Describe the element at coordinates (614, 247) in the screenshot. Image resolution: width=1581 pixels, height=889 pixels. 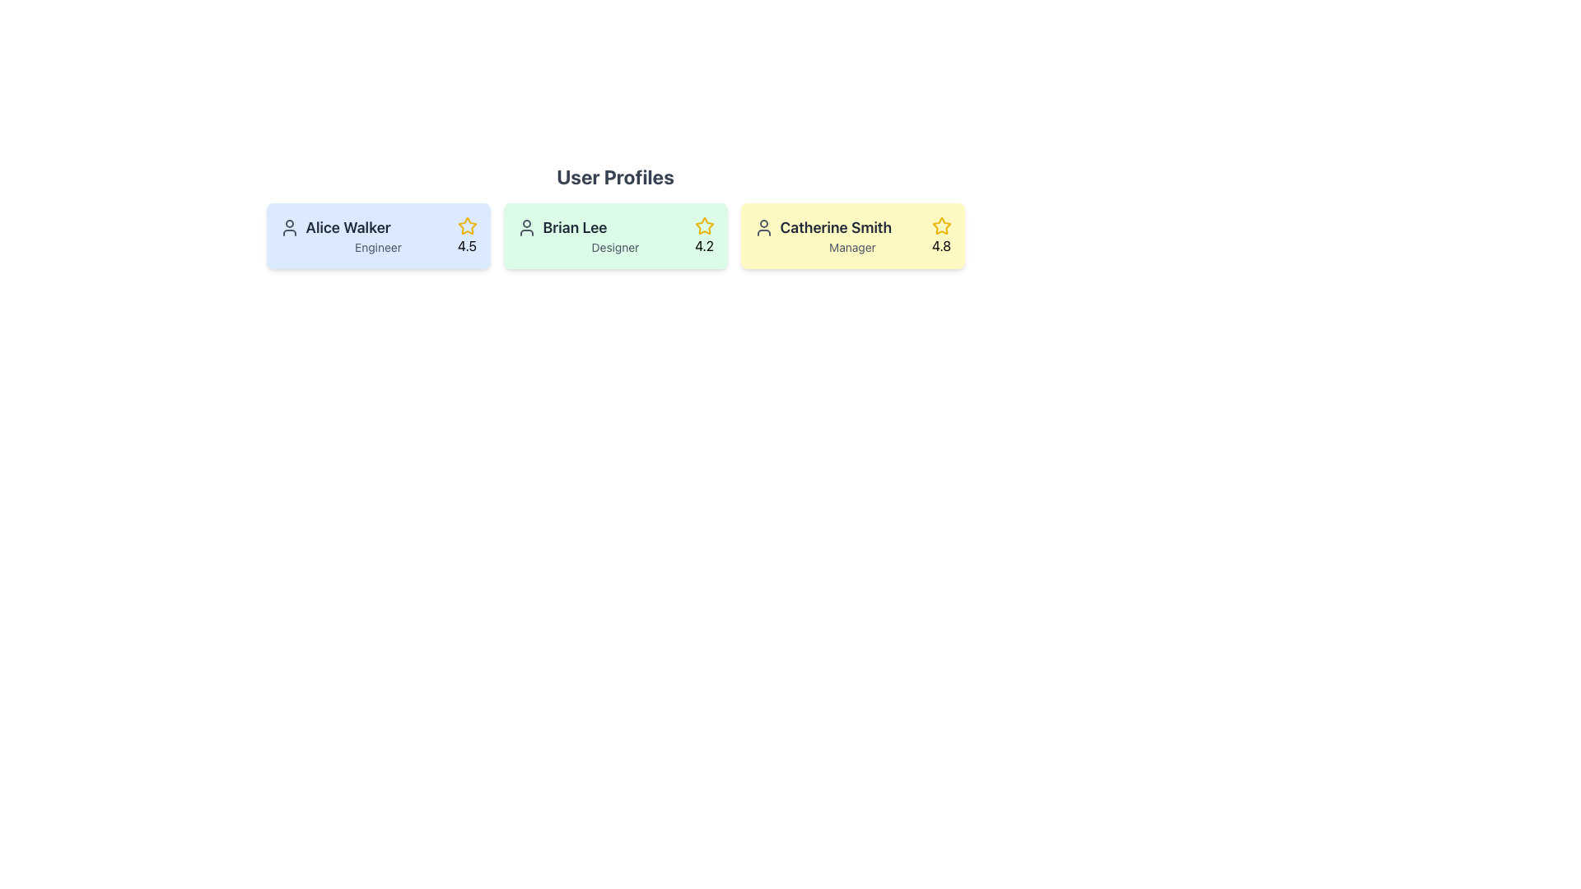
I see `the text label 'Designer' styled in a small gray font, located within the second profile card from the left in the 'User Profiles' row, centered beneath 'Brian Lee' and above the rating '4.2'` at that location.